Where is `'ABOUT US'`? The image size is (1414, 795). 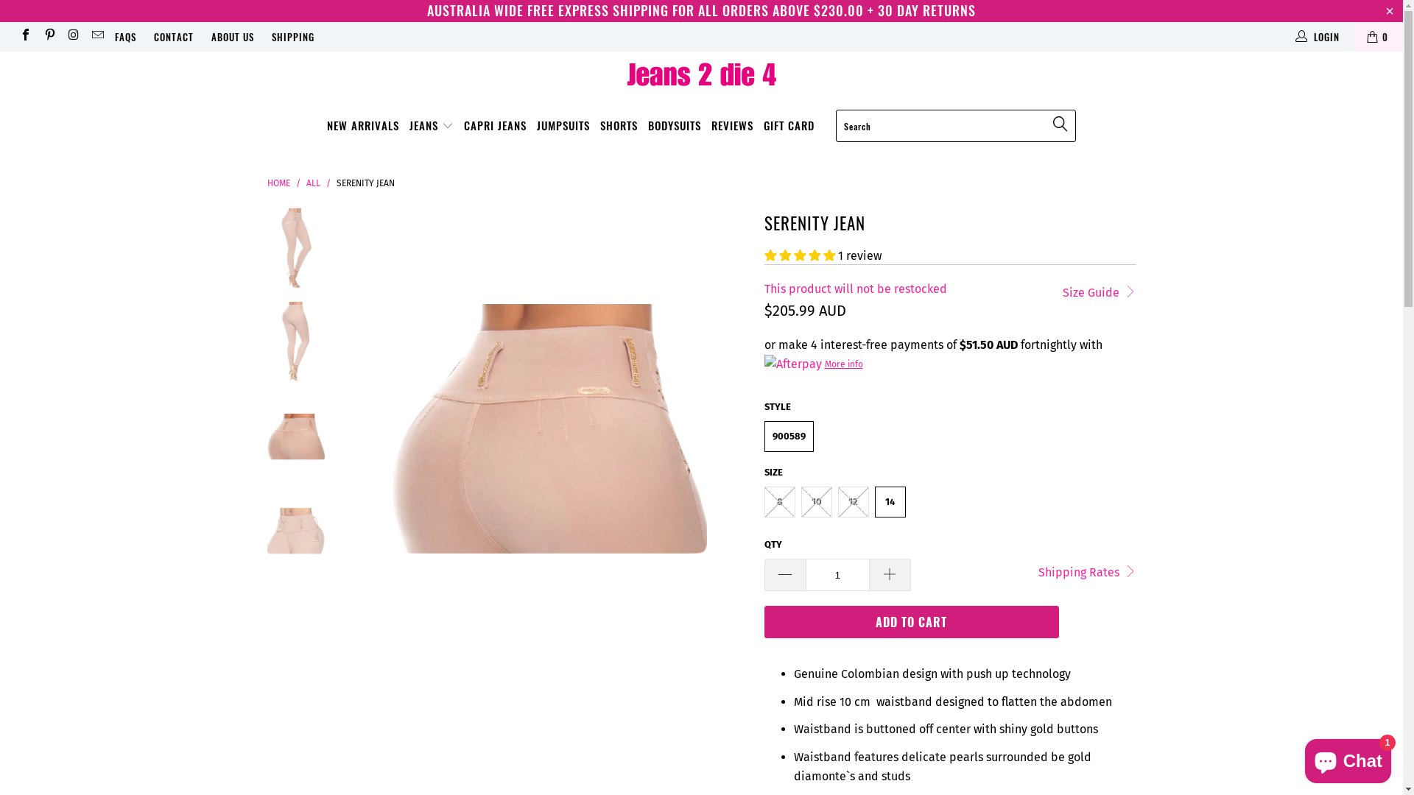 'ABOUT US' is located at coordinates (232, 36).